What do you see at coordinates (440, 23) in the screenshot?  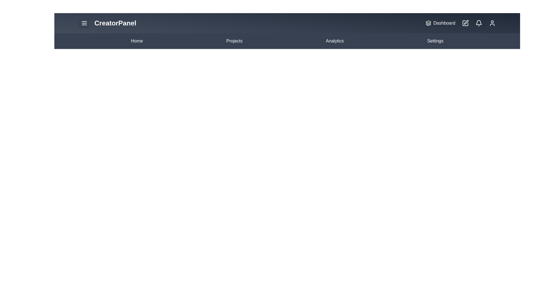 I see `the 'Dashboard' button` at bounding box center [440, 23].